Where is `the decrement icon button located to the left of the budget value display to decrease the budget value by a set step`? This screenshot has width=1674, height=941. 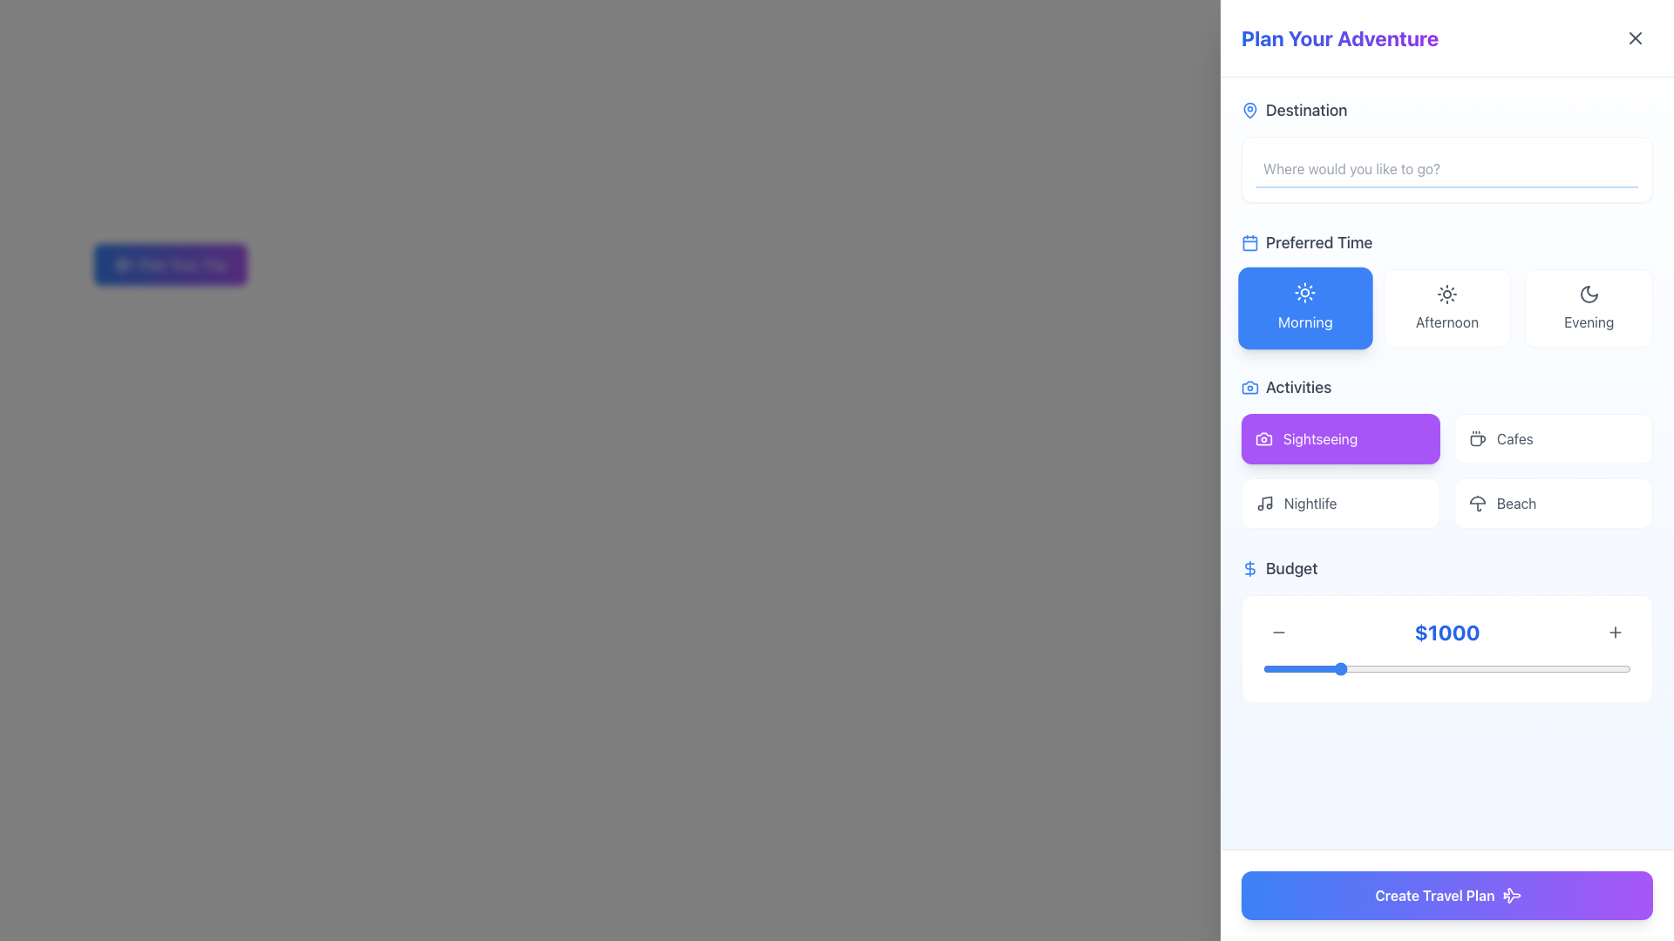 the decrement icon button located to the left of the budget value display to decrease the budget value by a set step is located at coordinates (1279, 632).